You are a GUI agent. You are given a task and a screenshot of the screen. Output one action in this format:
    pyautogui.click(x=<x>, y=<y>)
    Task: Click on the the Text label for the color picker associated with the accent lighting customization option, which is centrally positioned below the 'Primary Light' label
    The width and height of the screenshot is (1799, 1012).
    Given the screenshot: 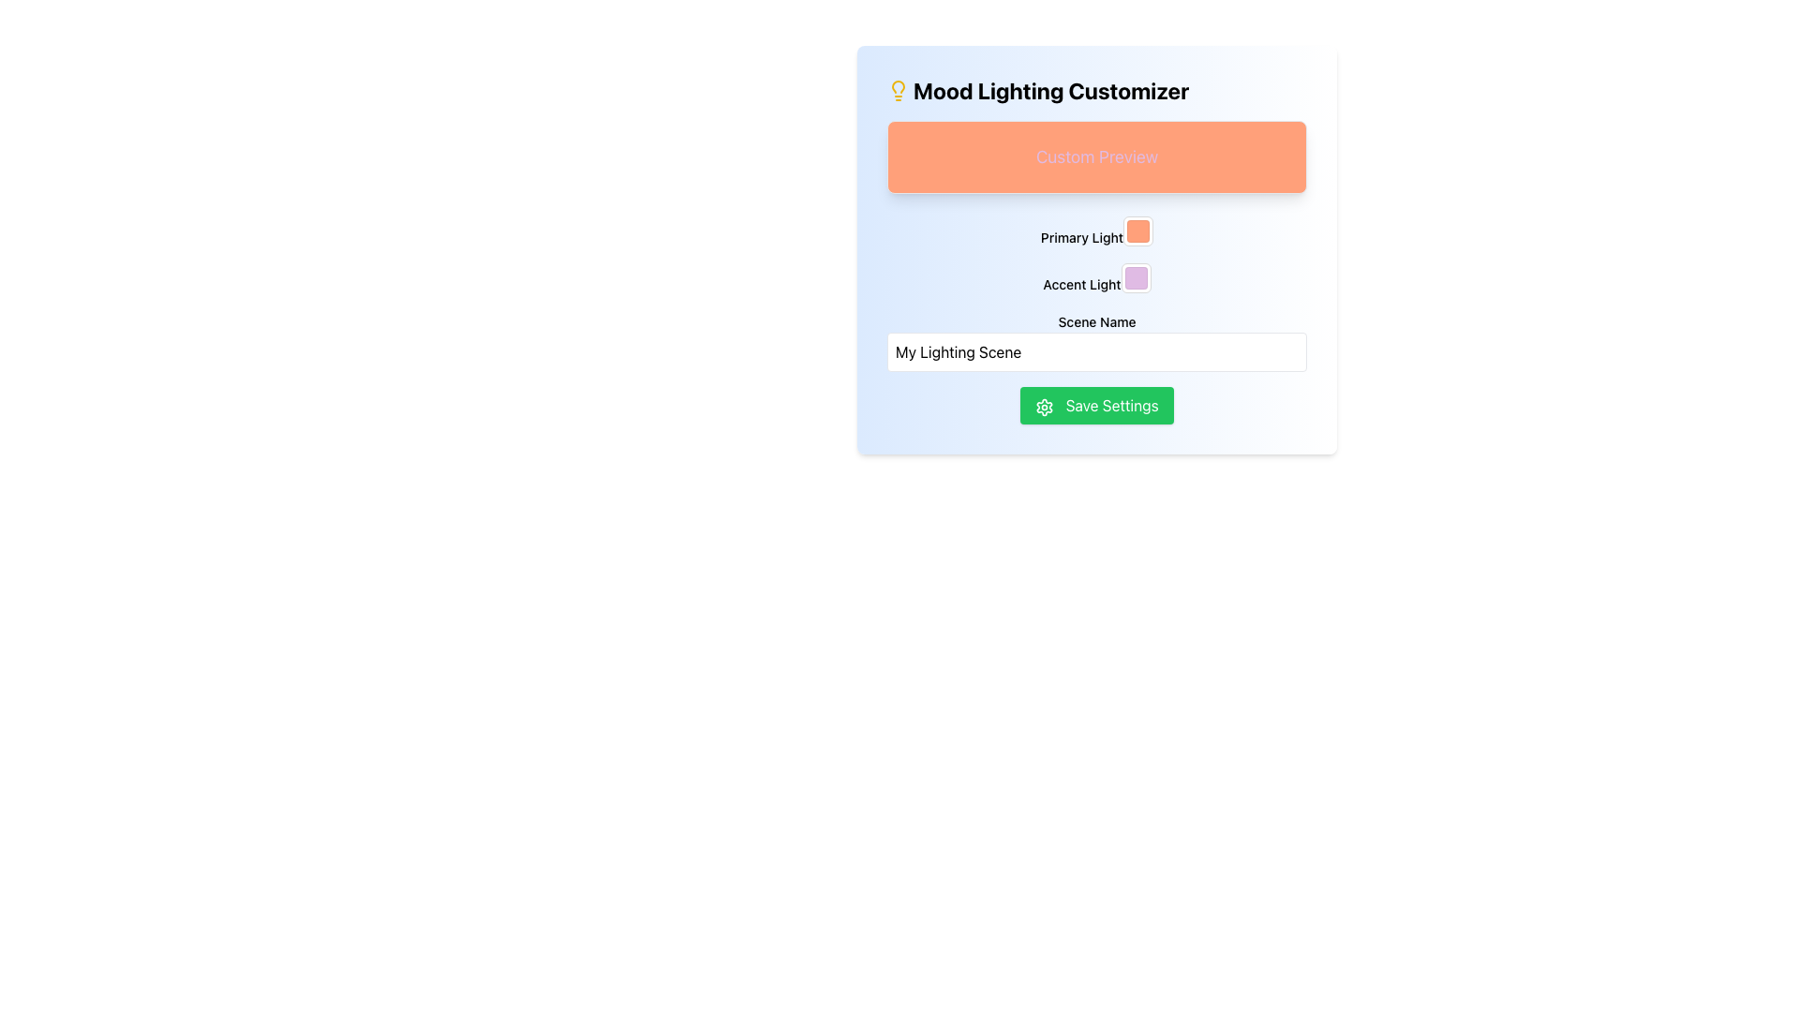 What is the action you would take?
    pyautogui.click(x=1082, y=284)
    